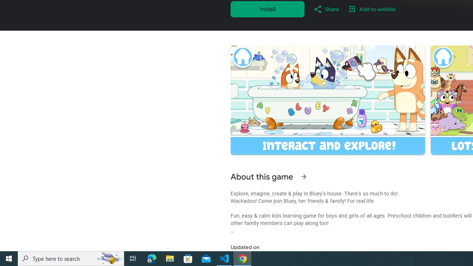 Image resolution: width=473 pixels, height=266 pixels. I want to click on 'See more information on About this game', so click(303, 177).